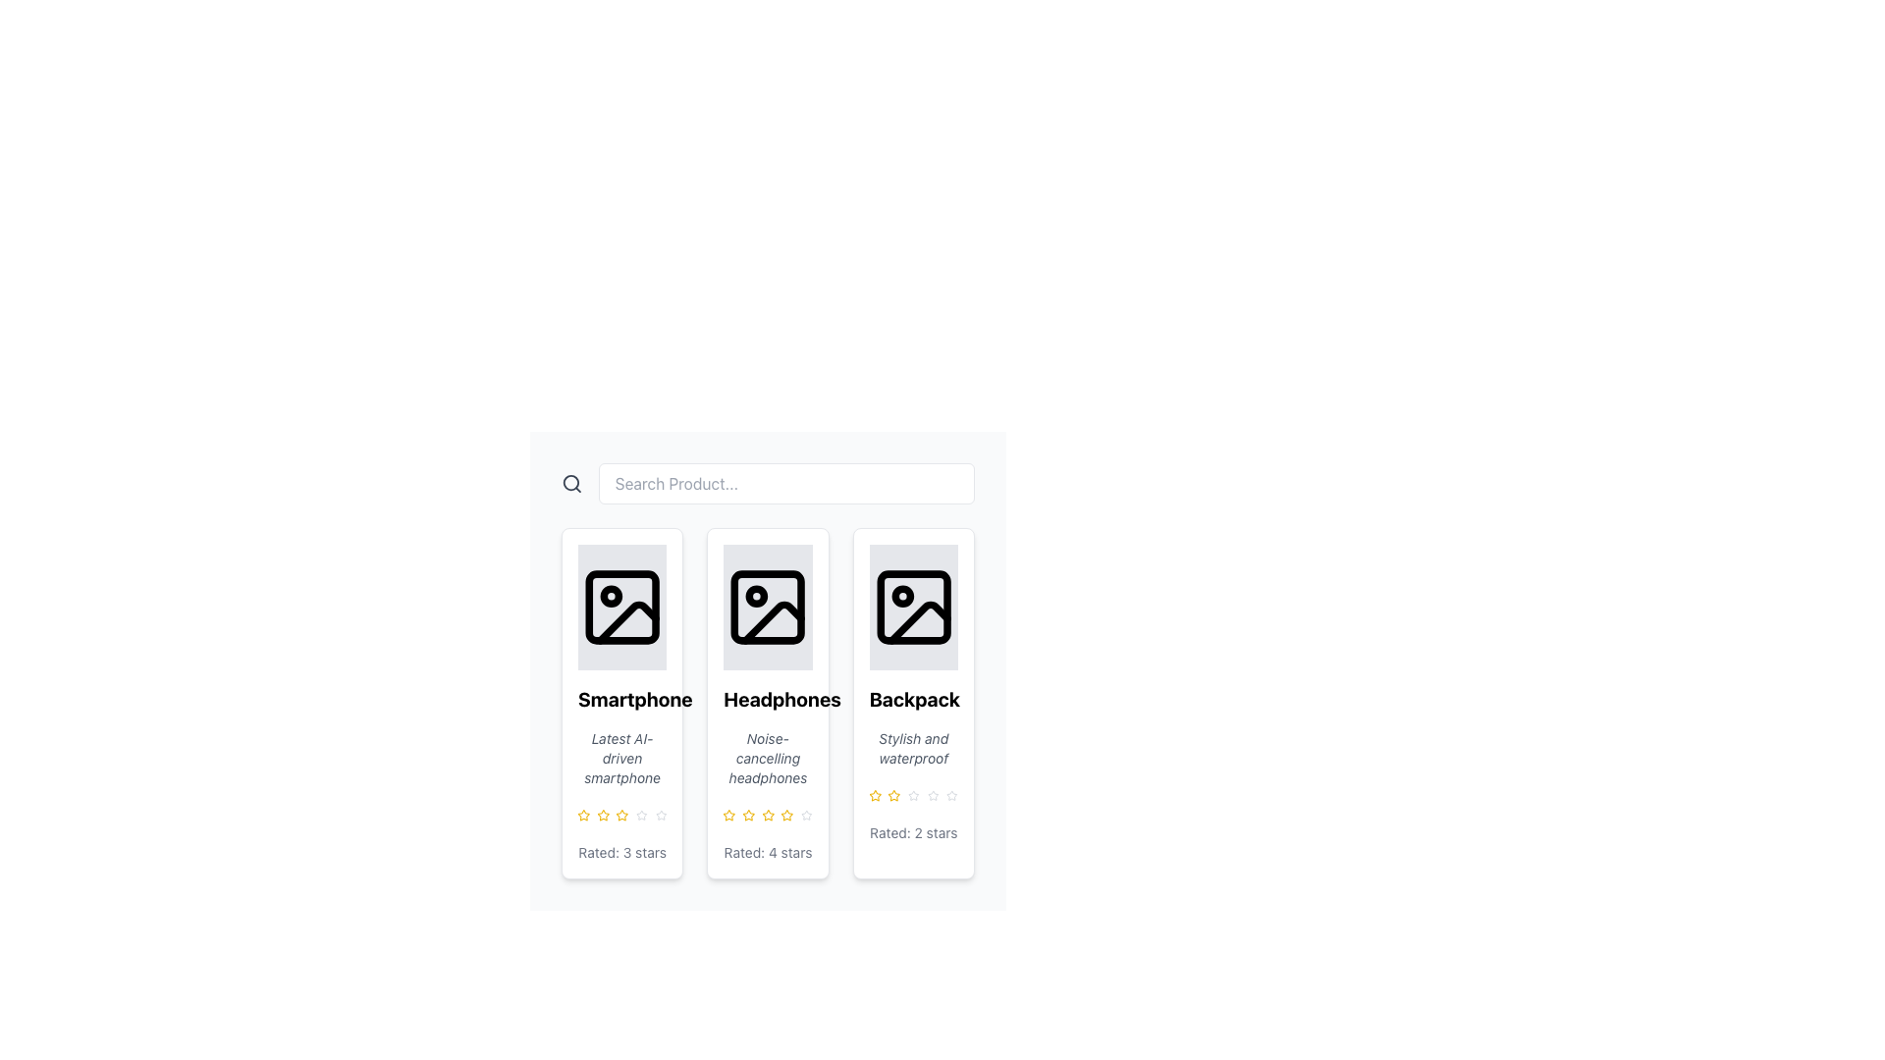  Describe the element at coordinates (767, 703) in the screenshot. I see `the product card displaying 'Headphones'` at that location.